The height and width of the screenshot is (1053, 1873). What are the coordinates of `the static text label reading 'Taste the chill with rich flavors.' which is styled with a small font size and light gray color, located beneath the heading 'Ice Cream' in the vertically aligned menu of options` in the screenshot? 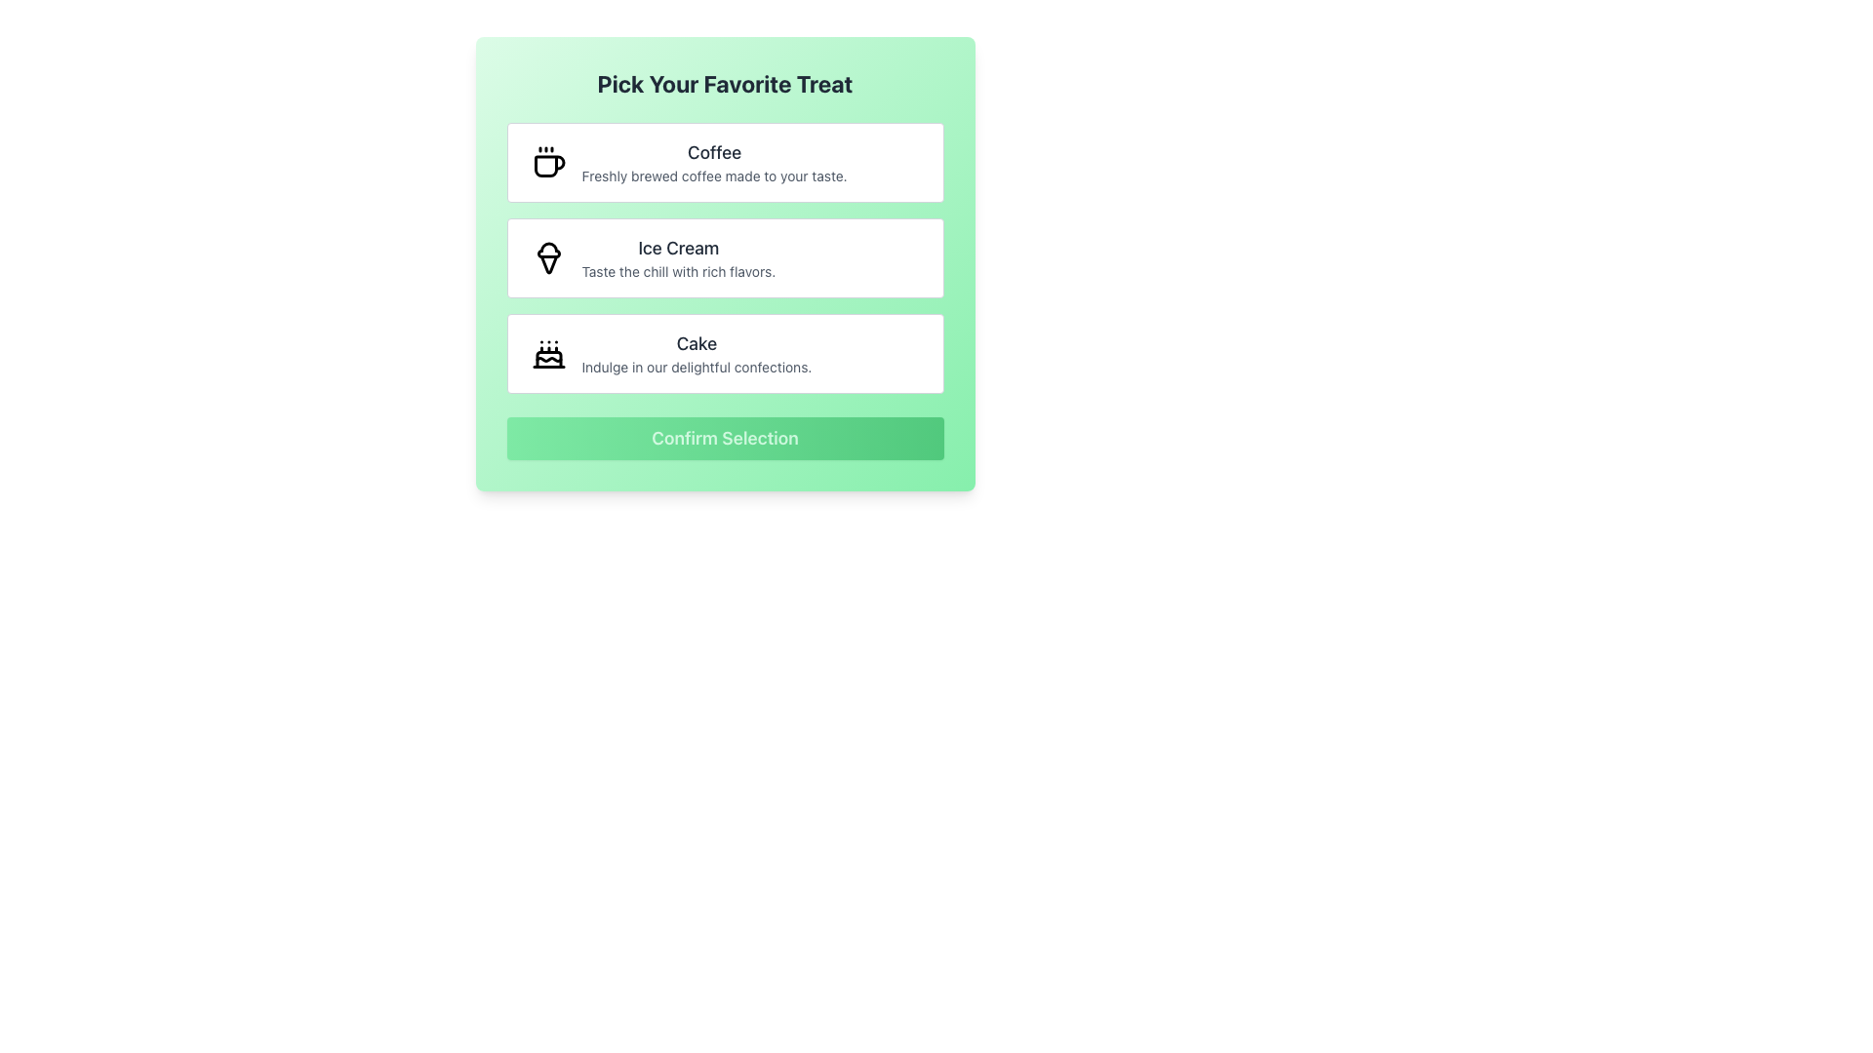 It's located at (678, 271).